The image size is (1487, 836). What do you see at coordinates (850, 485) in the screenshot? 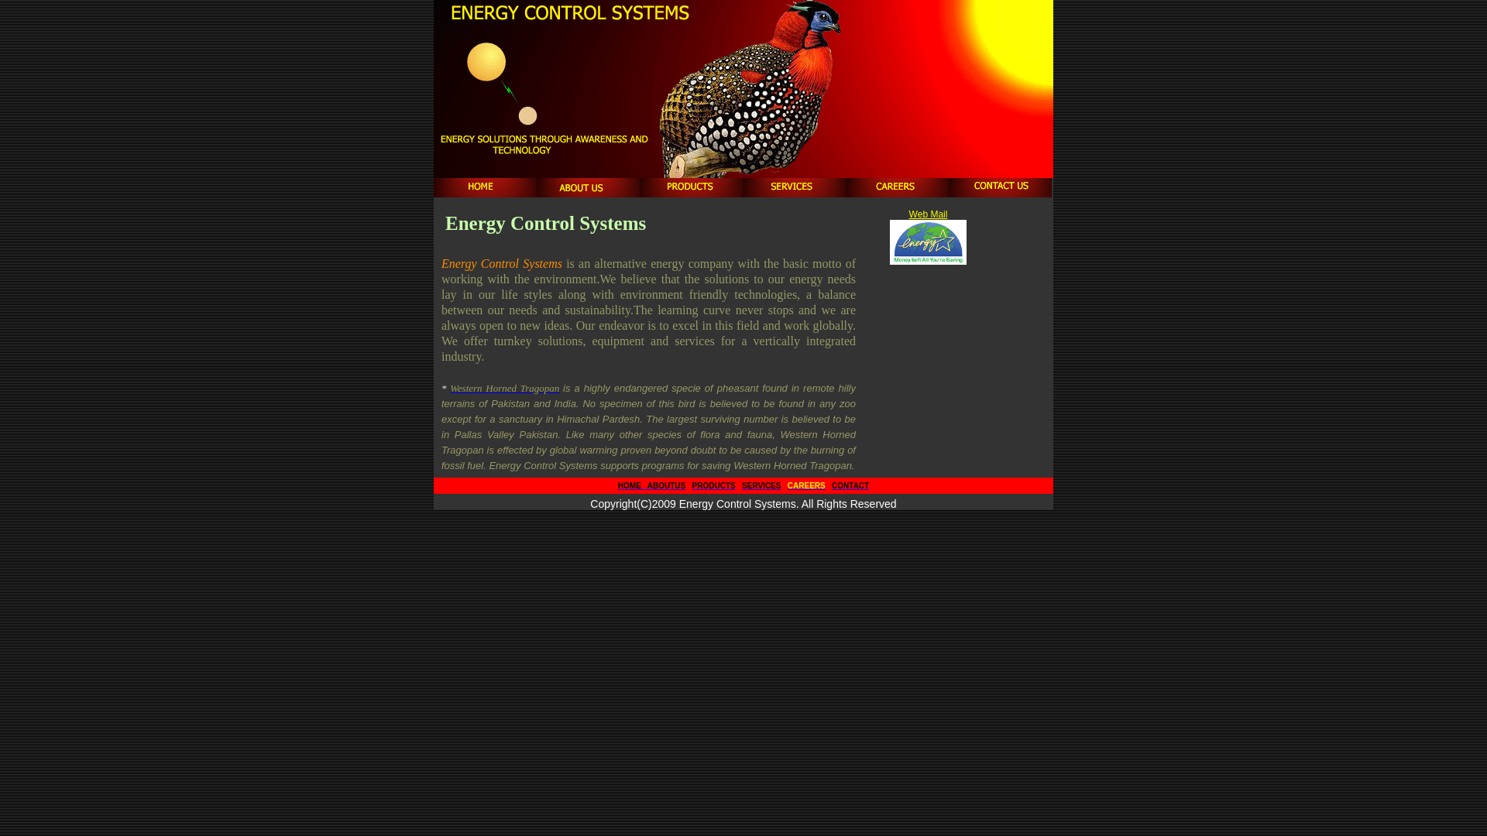
I see `'CONTACT'` at bounding box center [850, 485].